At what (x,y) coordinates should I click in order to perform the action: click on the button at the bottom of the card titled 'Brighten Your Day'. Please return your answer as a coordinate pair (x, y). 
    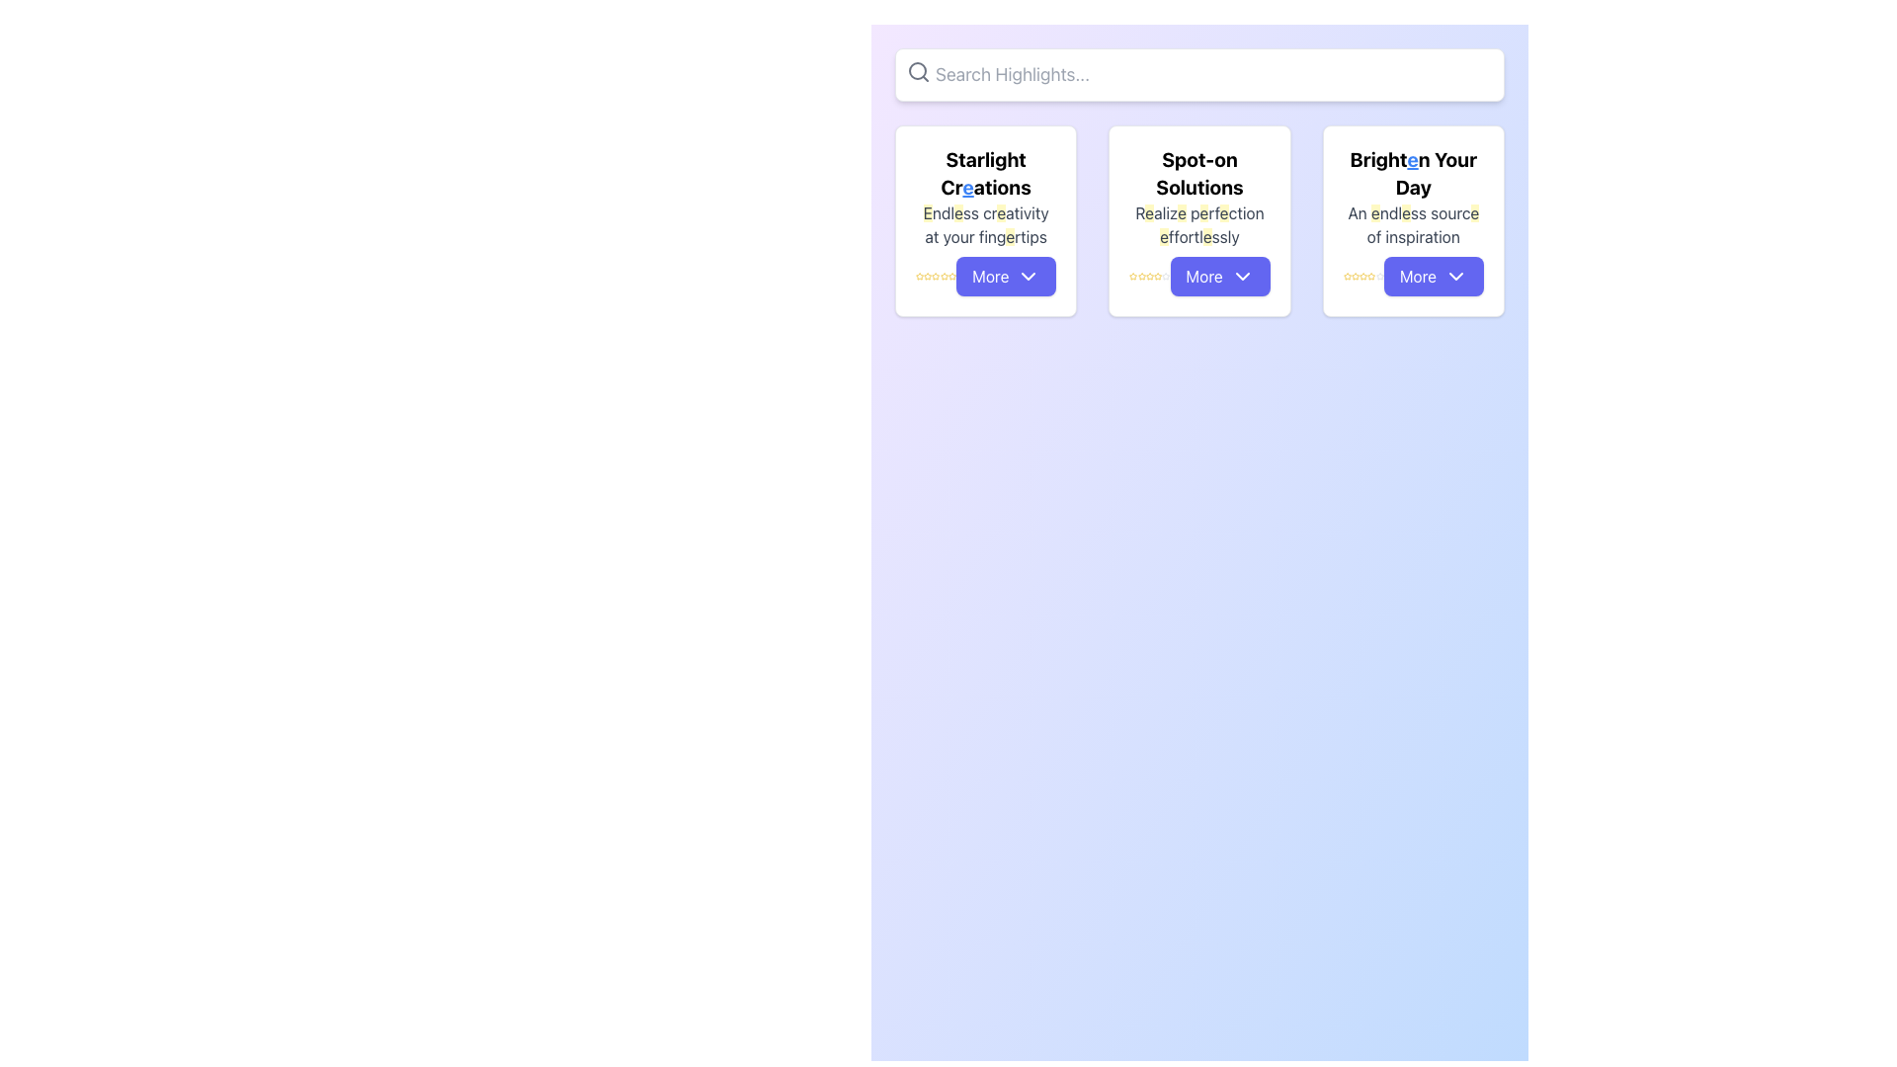
    Looking at the image, I should click on (1434, 277).